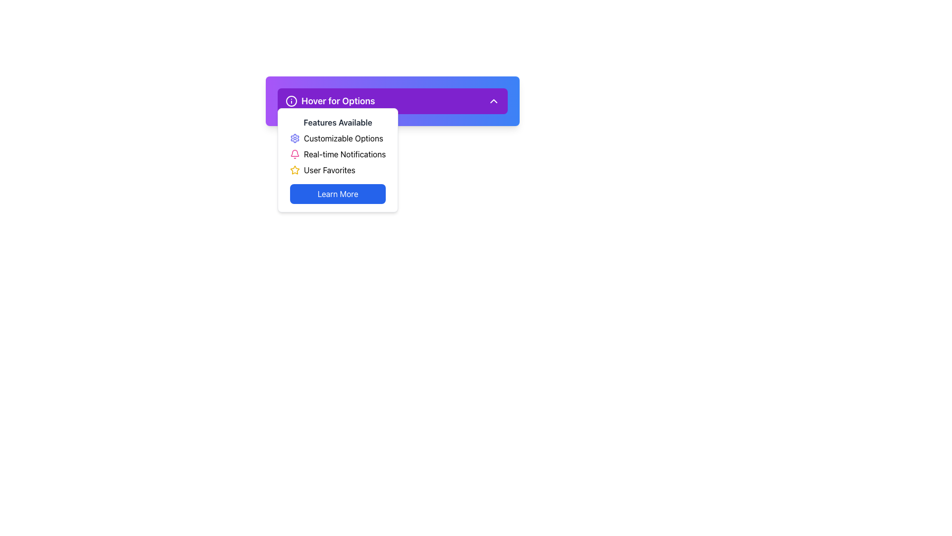 The image size is (952, 536). What do you see at coordinates (295, 169) in the screenshot?
I see `the star-shaped icon with a yellow outline located above the white dropdown menu labeled 'Hover for Options'` at bounding box center [295, 169].